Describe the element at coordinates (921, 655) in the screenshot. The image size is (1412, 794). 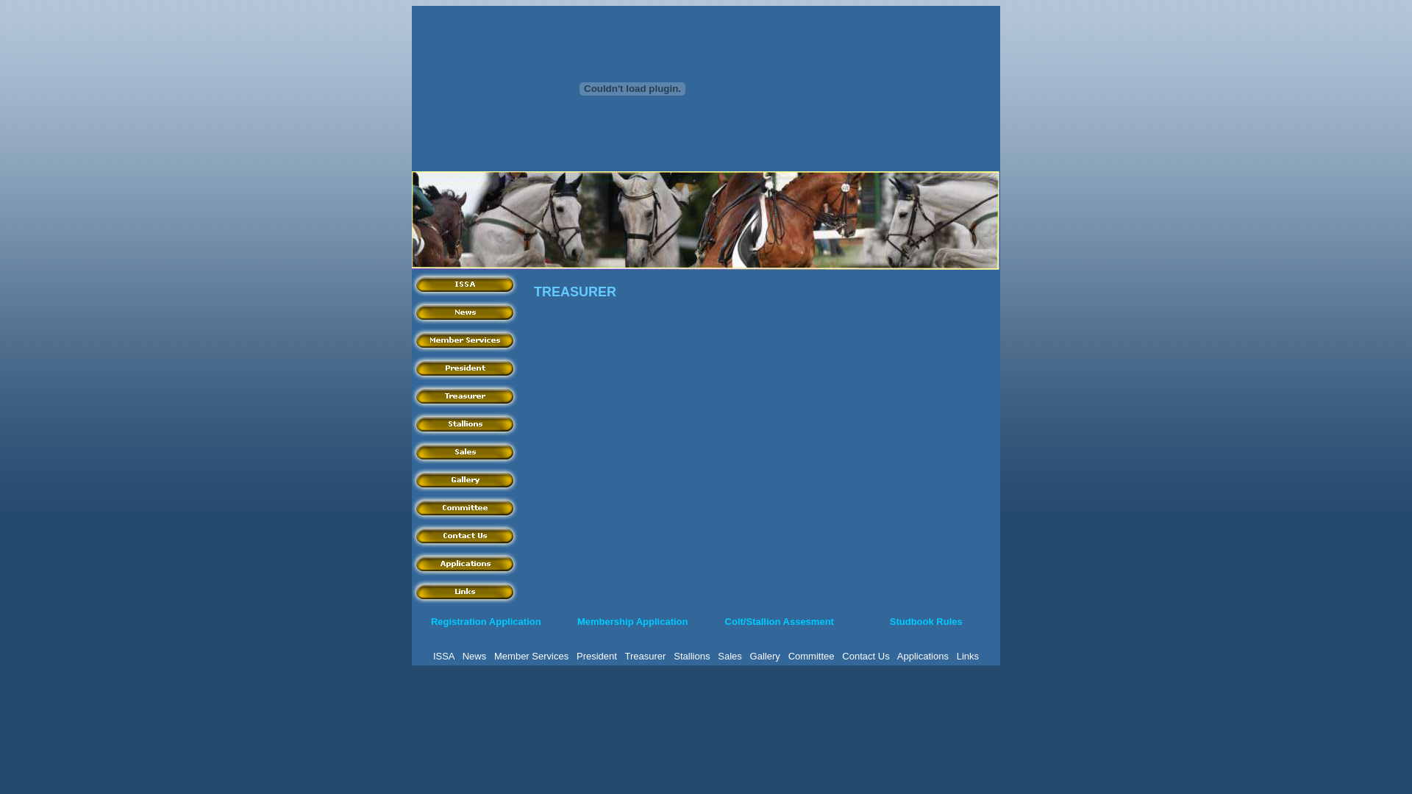
I see `'Applications'` at that location.